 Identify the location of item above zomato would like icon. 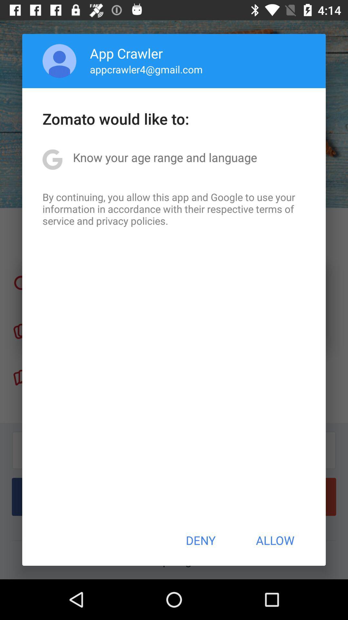
(146, 69).